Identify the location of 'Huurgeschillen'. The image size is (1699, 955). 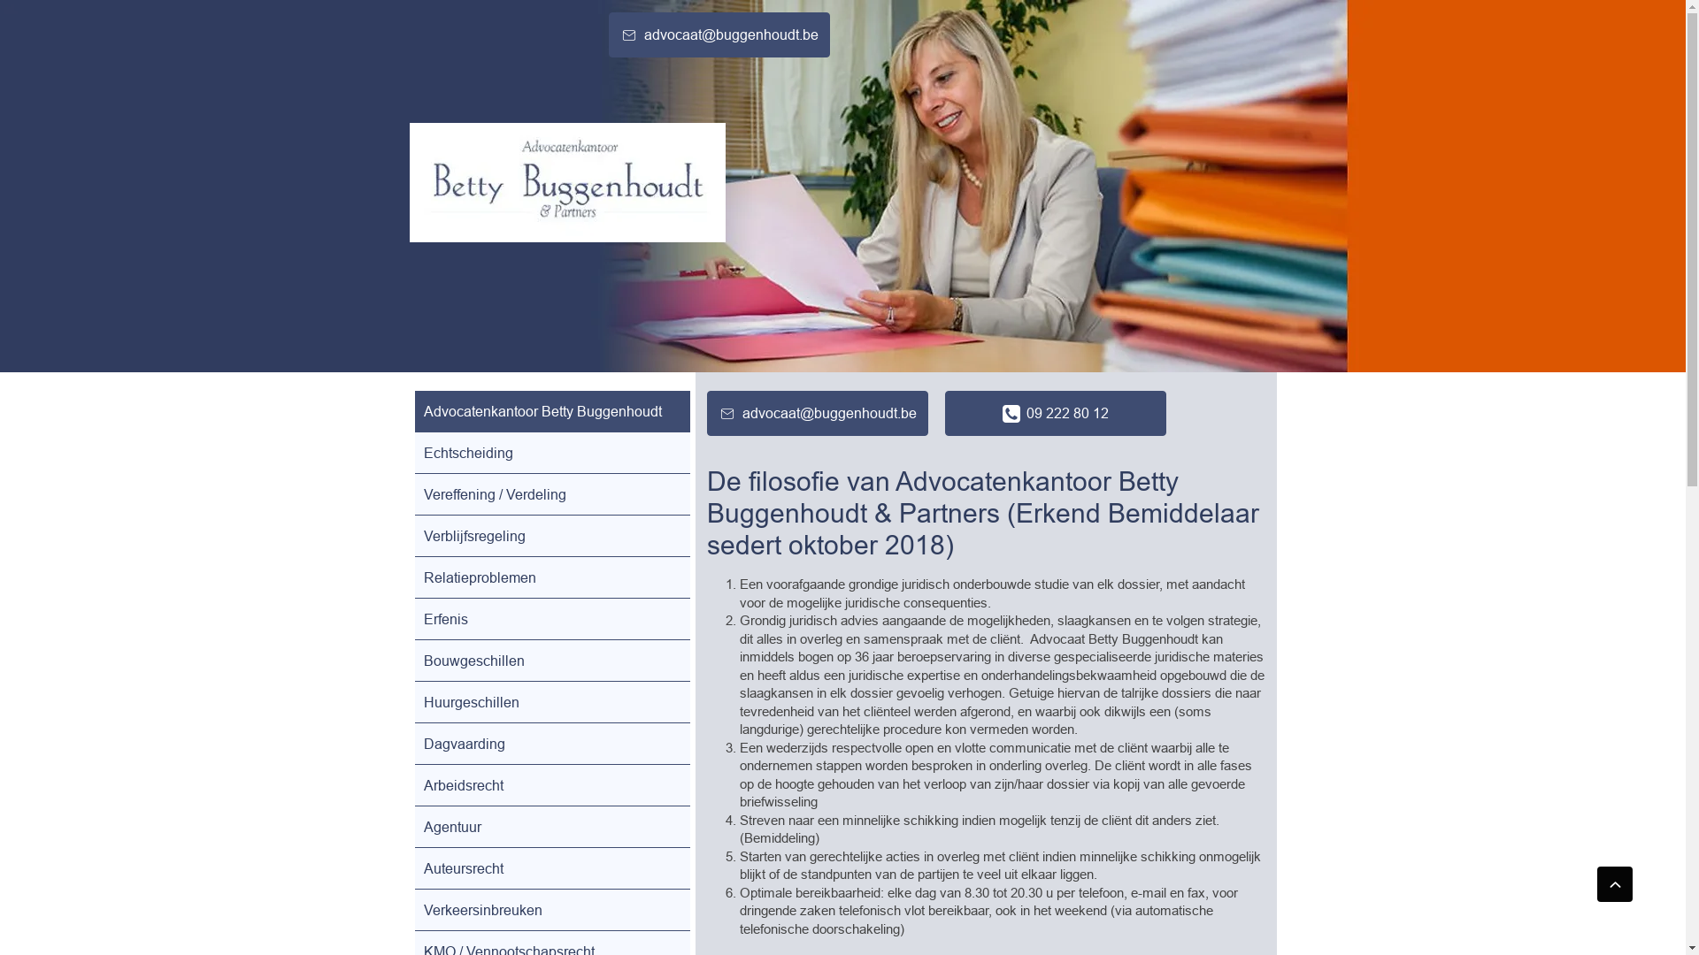
(550, 701).